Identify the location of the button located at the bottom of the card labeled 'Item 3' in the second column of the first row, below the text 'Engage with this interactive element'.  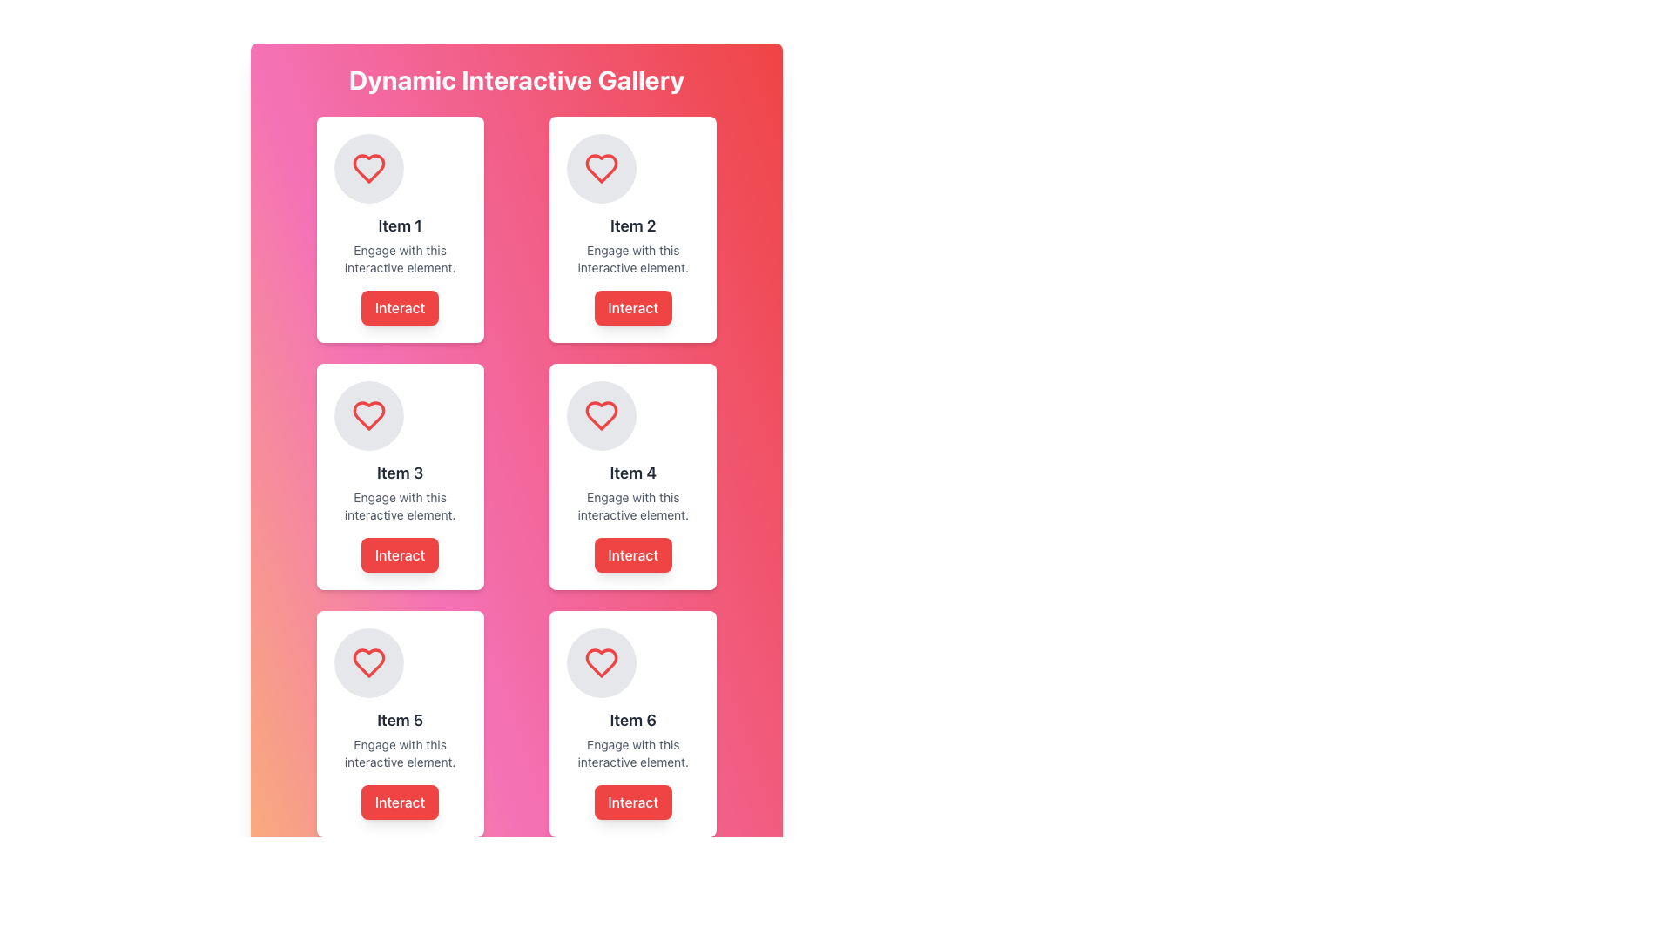
(399, 554).